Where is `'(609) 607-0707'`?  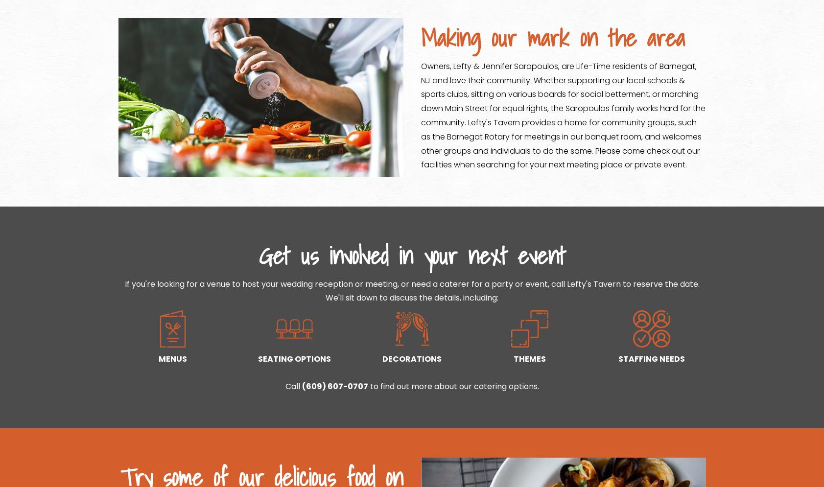
'(609) 607-0707' is located at coordinates (334, 386).